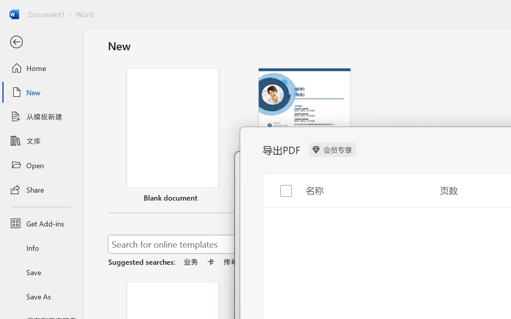 Image resolution: width=511 pixels, height=319 pixels. Describe the element at coordinates (41, 223) in the screenshot. I see `'Get Add-ins'` at that location.